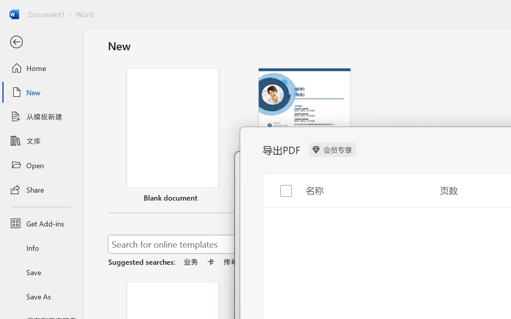 Image resolution: width=511 pixels, height=319 pixels. Describe the element at coordinates (41, 223) in the screenshot. I see `'Get Add-ins'` at that location.